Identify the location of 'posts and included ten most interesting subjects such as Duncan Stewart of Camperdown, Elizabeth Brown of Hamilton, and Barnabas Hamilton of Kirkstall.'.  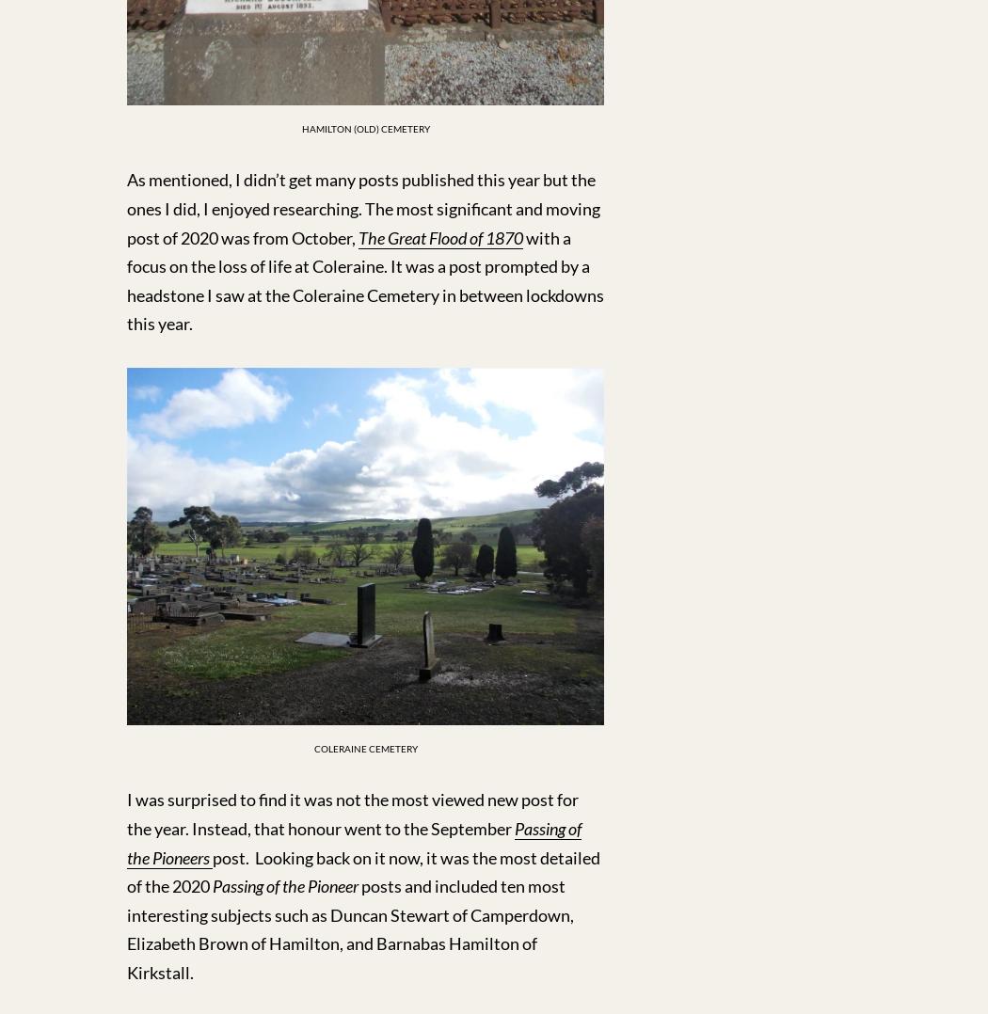
(126, 928).